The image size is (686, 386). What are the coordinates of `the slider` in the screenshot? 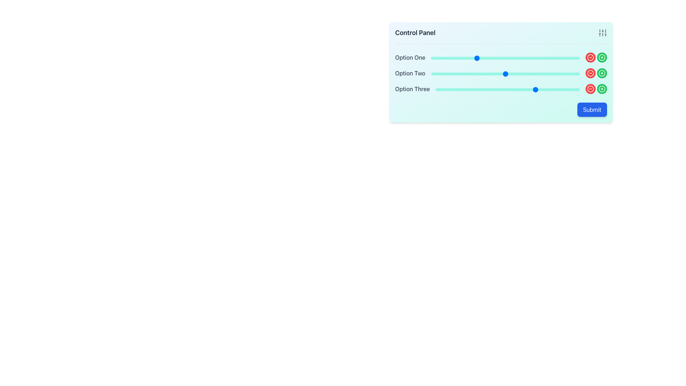 It's located at (446, 58).